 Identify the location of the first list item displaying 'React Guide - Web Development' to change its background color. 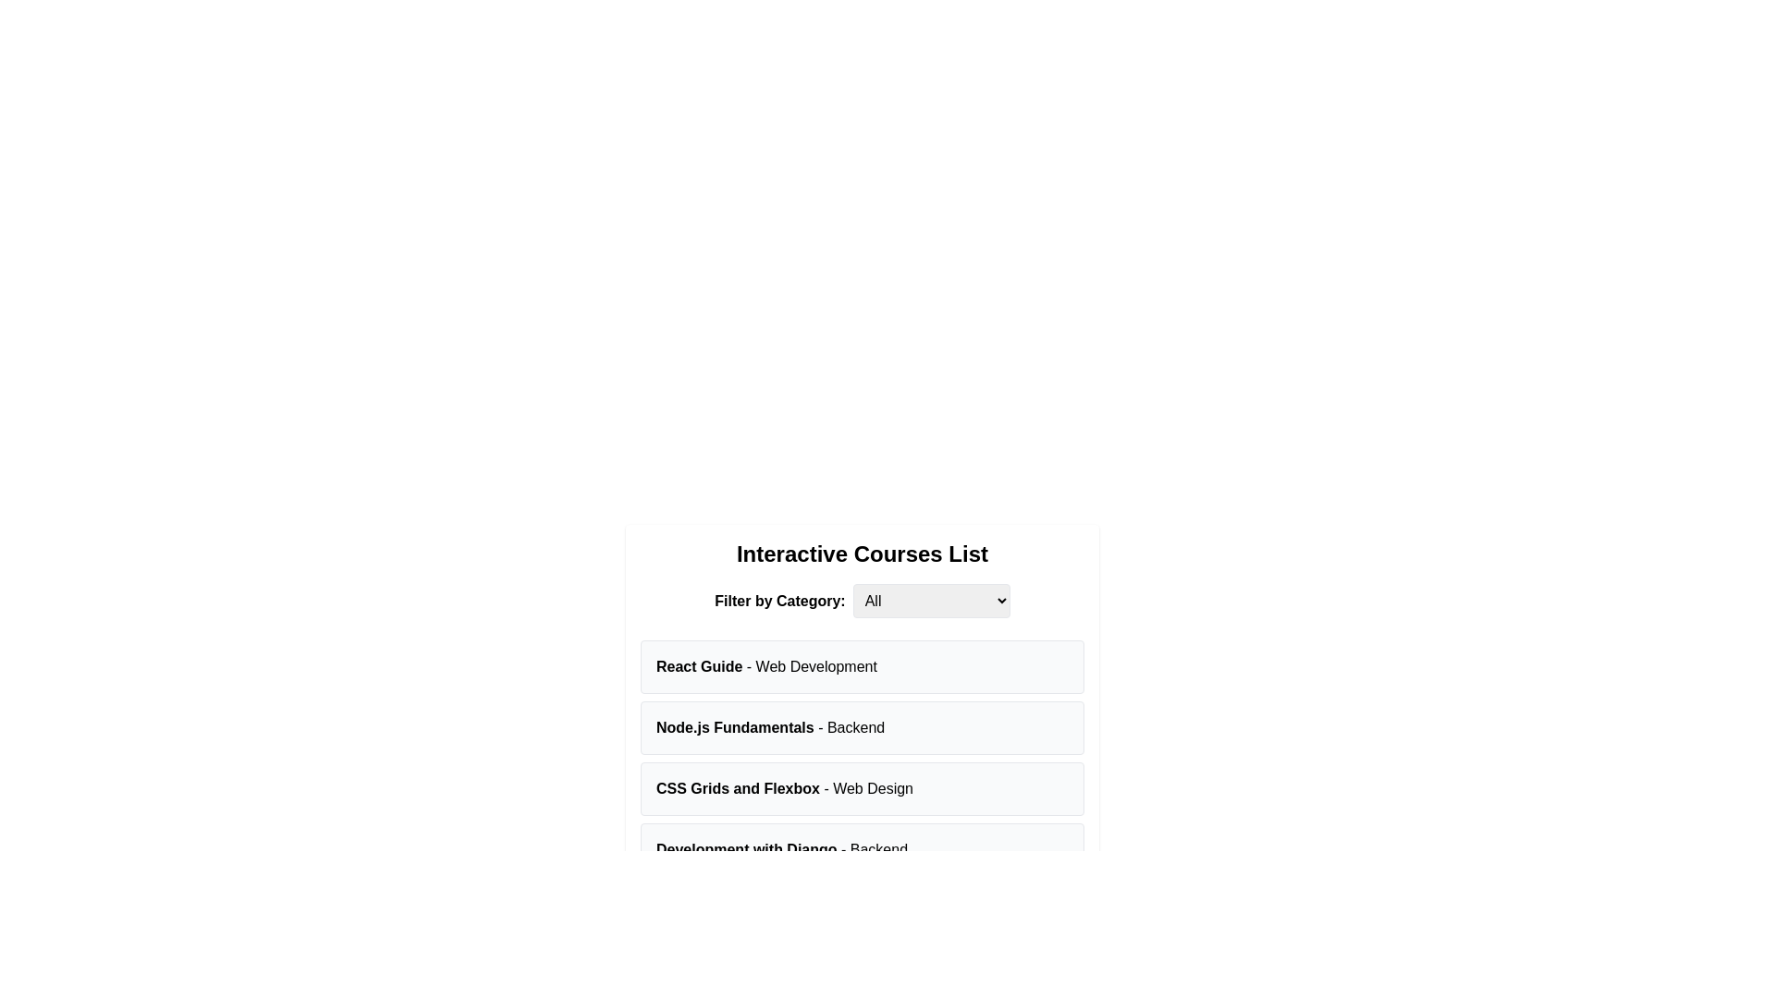
(861, 666).